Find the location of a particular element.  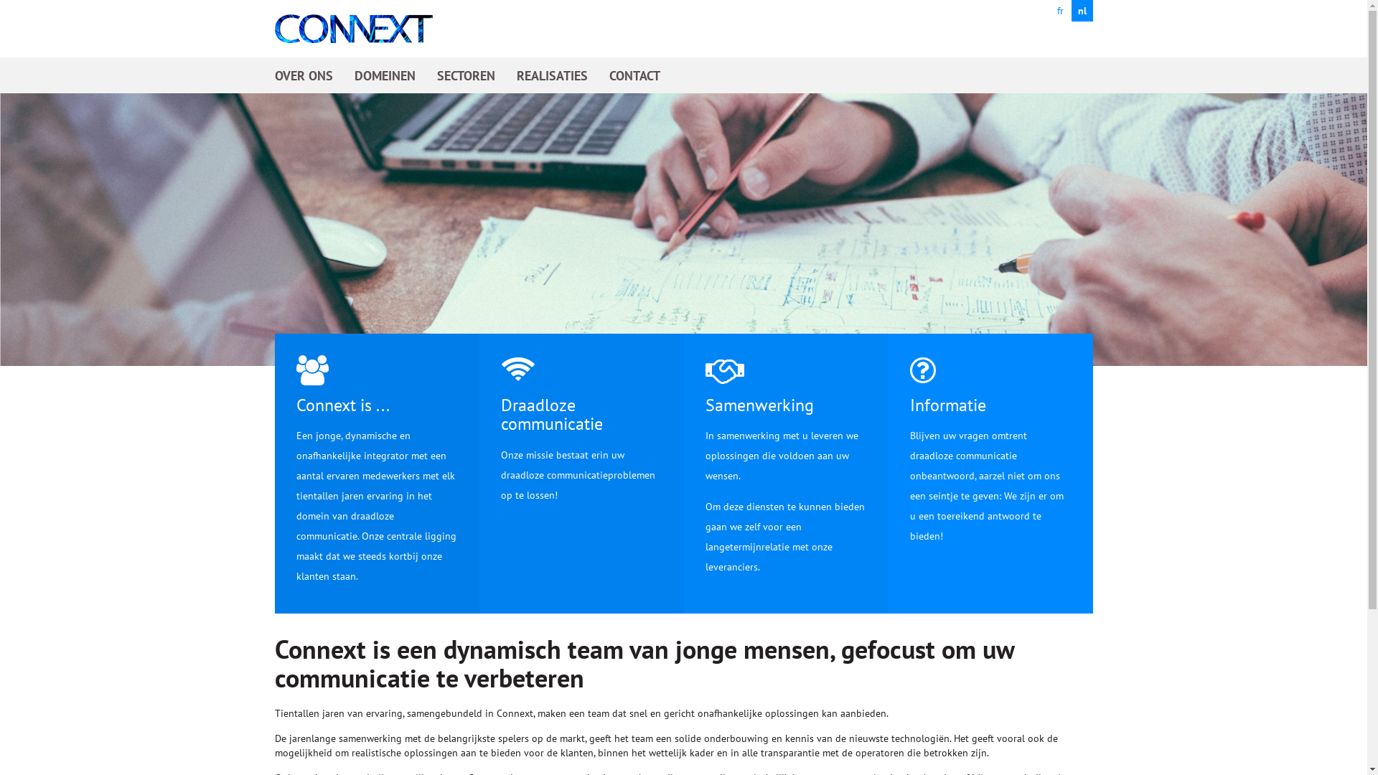

'DOMEINEN' is located at coordinates (385, 75).